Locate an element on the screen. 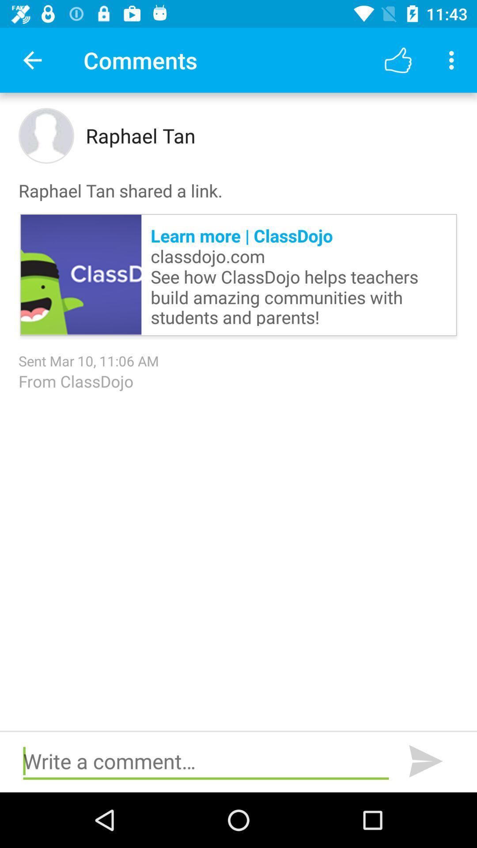 The height and width of the screenshot is (848, 477). the item above sent mar 10 is located at coordinates (81, 274).